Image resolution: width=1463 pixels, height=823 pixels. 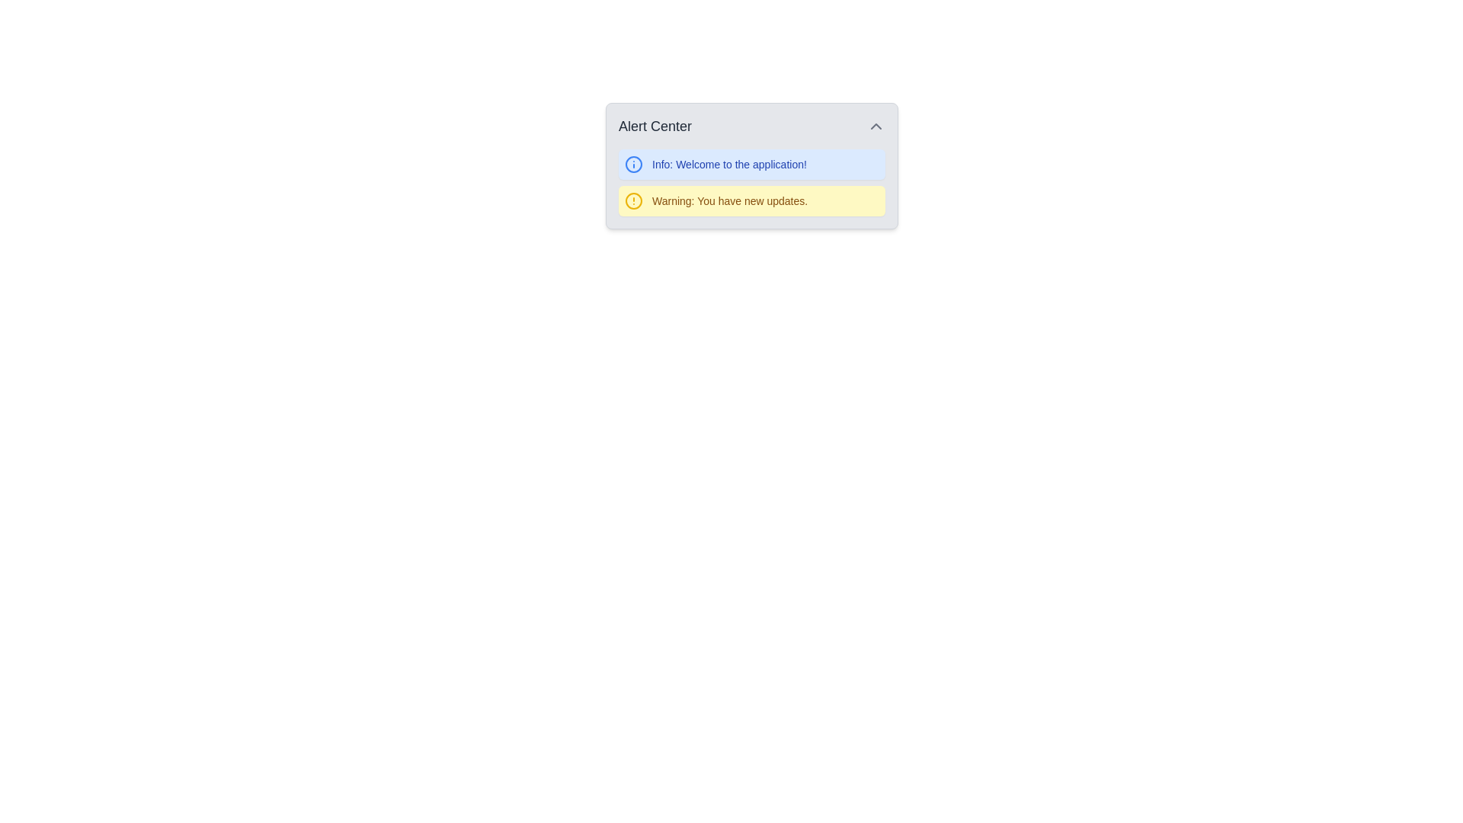 What do you see at coordinates (728, 165) in the screenshot?
I see `the text label that reads 'Info: Welcome to the application!' which is styled in a small blue font and located in an alert box` at bounding box center [728, 165].